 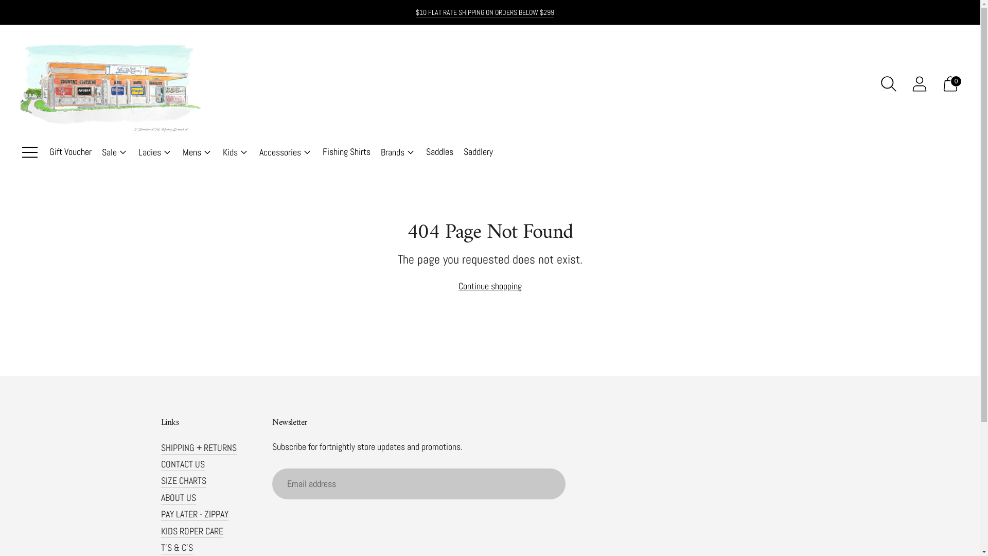 What do you see at coordinates (397, 152) in the screenshot?
I see `'Brands'` at bounding box center [397, 152].